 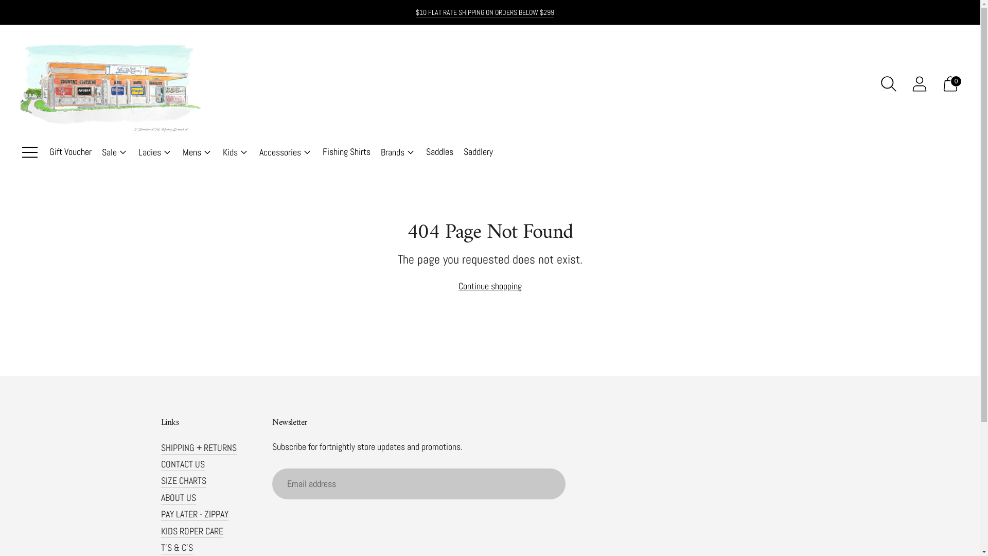 What do you see at coordinates (397, 152) in the screenshot?
I see `'Brands'` at bounding box center [397, 152].